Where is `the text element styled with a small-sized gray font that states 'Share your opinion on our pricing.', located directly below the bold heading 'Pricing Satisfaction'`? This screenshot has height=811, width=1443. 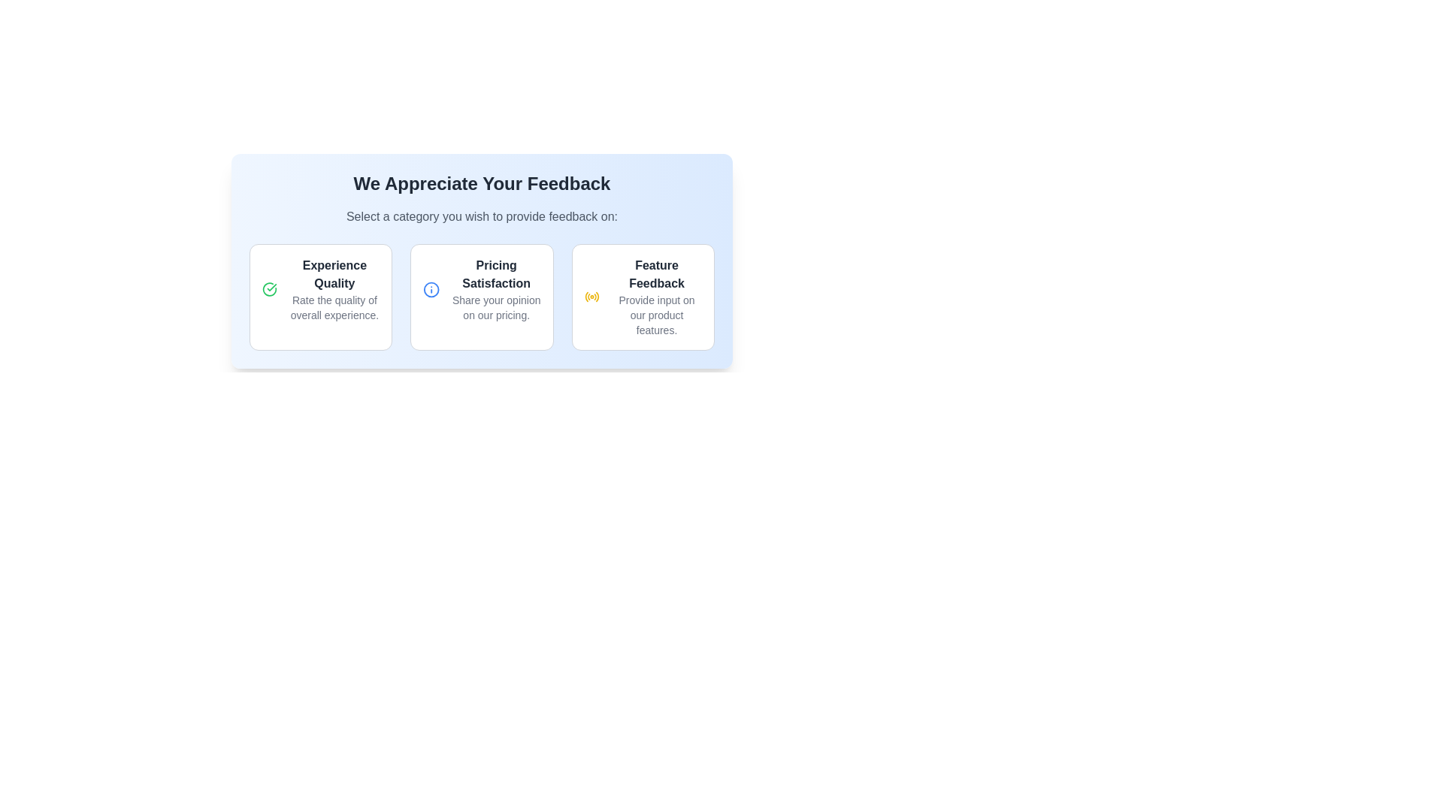
the text element styled with a small-sized gray font that states 'Share your opinion on our pricing.', located directly below the bold heading 'Pricing Satisfaction' is located at coordinates (496, 306).